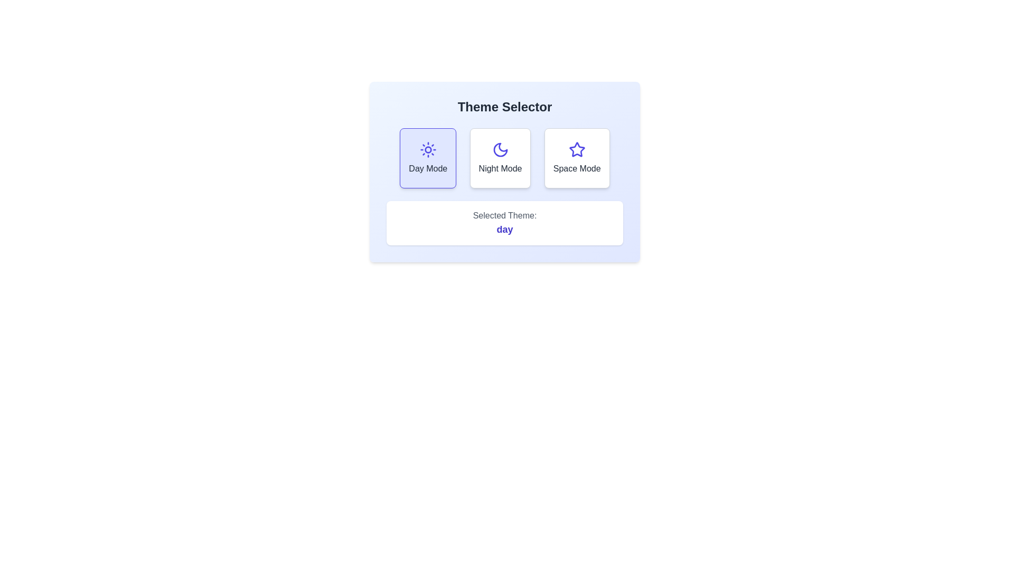 This screenshot has width=1014, height=570. Describe the element at coordinates (576, 149) in the screenshot. I see `the 'Space Mode' icon located in the top-right section of the theme selector panel` at that location.